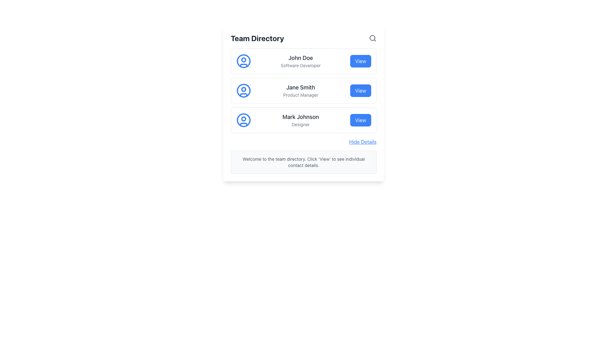  Describe the element at coordinates (303, 162) in the screenshot. I see `the informational text block that provides details about the 'View' buttons in the team directory interface, located below the 'Hide Details' link` at that location.